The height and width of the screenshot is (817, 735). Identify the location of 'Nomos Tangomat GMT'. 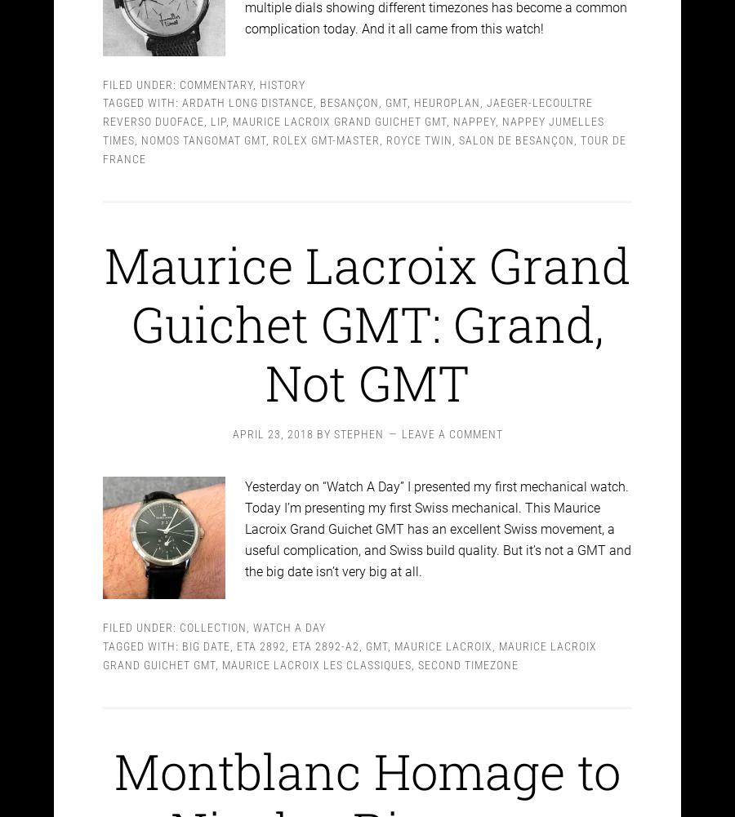
(203, 125).